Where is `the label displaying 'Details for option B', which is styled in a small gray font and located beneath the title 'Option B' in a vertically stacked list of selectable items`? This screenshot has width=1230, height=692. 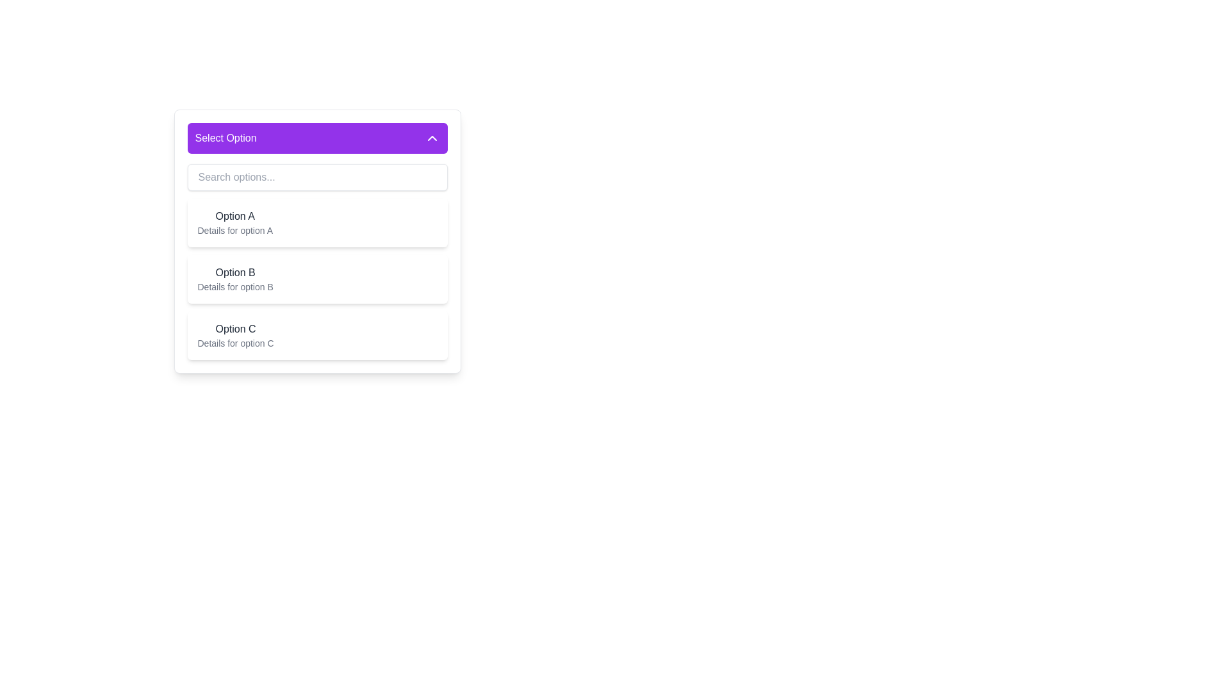 the label displaying 'Details for option B', which is styled in a small gray font and located beneath the title 'Option B' in a vertically stacked list of selectable items is located at coordinates (235, 286).